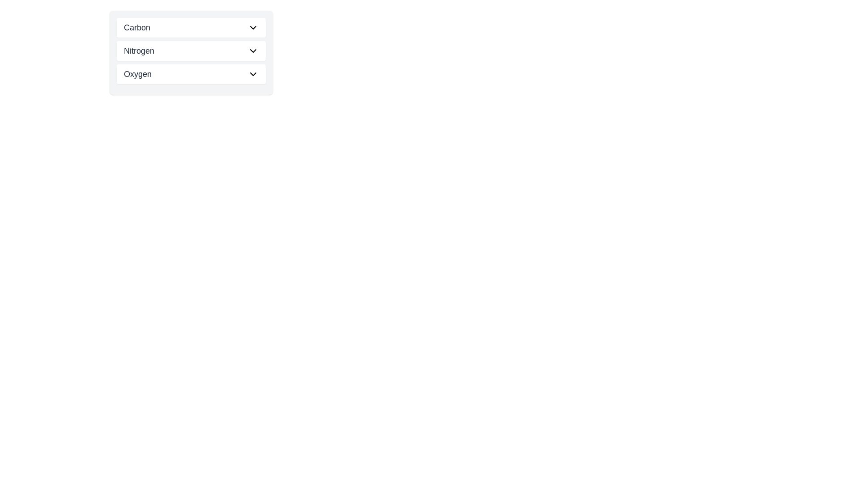 This screenshot has height=483, width=859. Describe the element at coordinates (253, 27) in the screenshot. I see `the chevron icon next to the 'Carbon' label` at that location.